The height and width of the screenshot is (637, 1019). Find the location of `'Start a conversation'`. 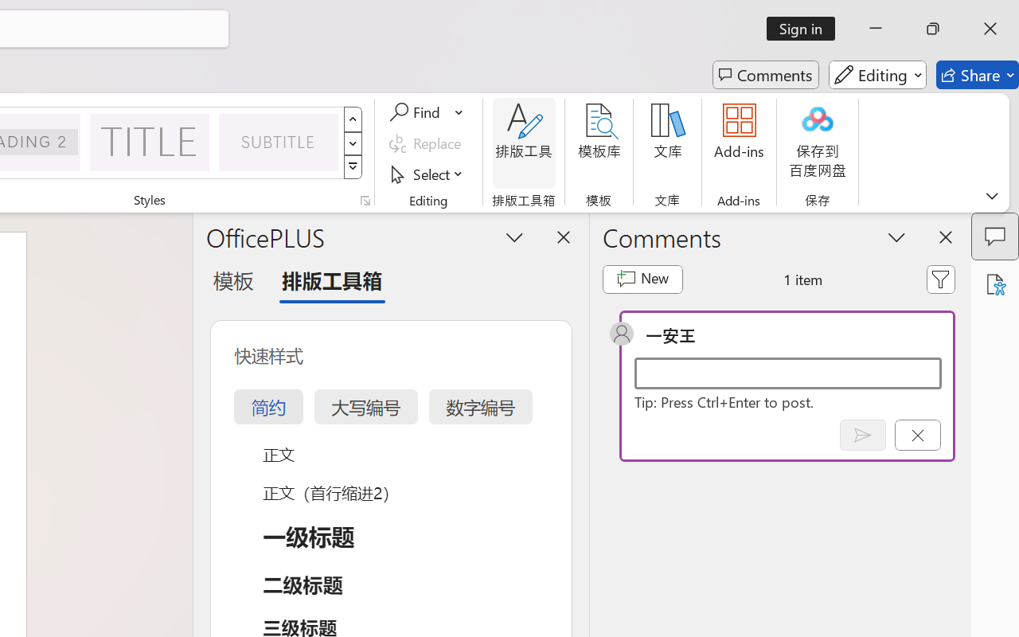

'Start a conversation' is located at coordinates (788, 373).